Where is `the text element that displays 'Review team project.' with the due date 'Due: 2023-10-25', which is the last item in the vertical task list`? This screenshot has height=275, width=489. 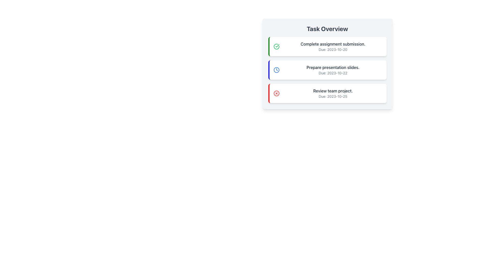 the text element that displays 'Review team project.' with the due date 'Due: 2023-10-25', which is the last item in the vertical task list is located at coordinates (333, 93).